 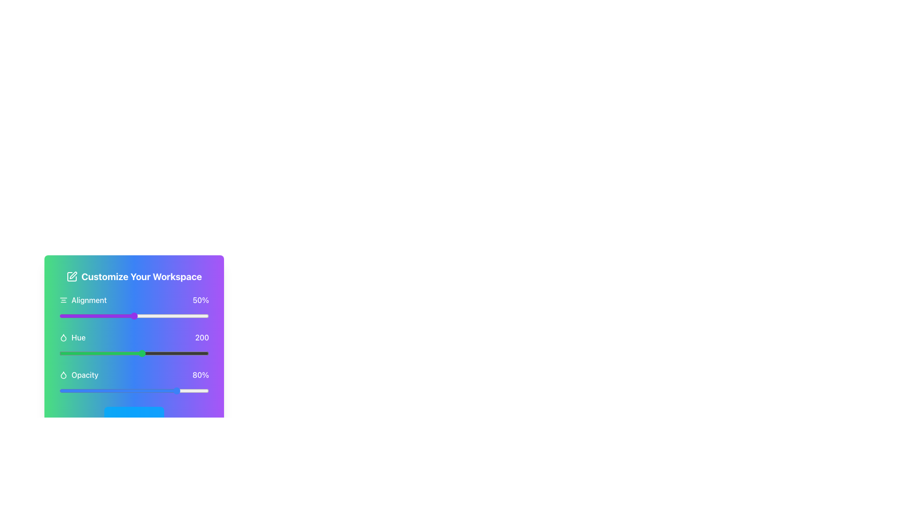 What do you see at coordinates (134, 382) in the screenshot?
I see `the opacity slider to set a specific value, which is the third slider in a vertical arrangement, visually aligned with the 'Opacity' label and '80%' value` at bounding box center [134, 382].